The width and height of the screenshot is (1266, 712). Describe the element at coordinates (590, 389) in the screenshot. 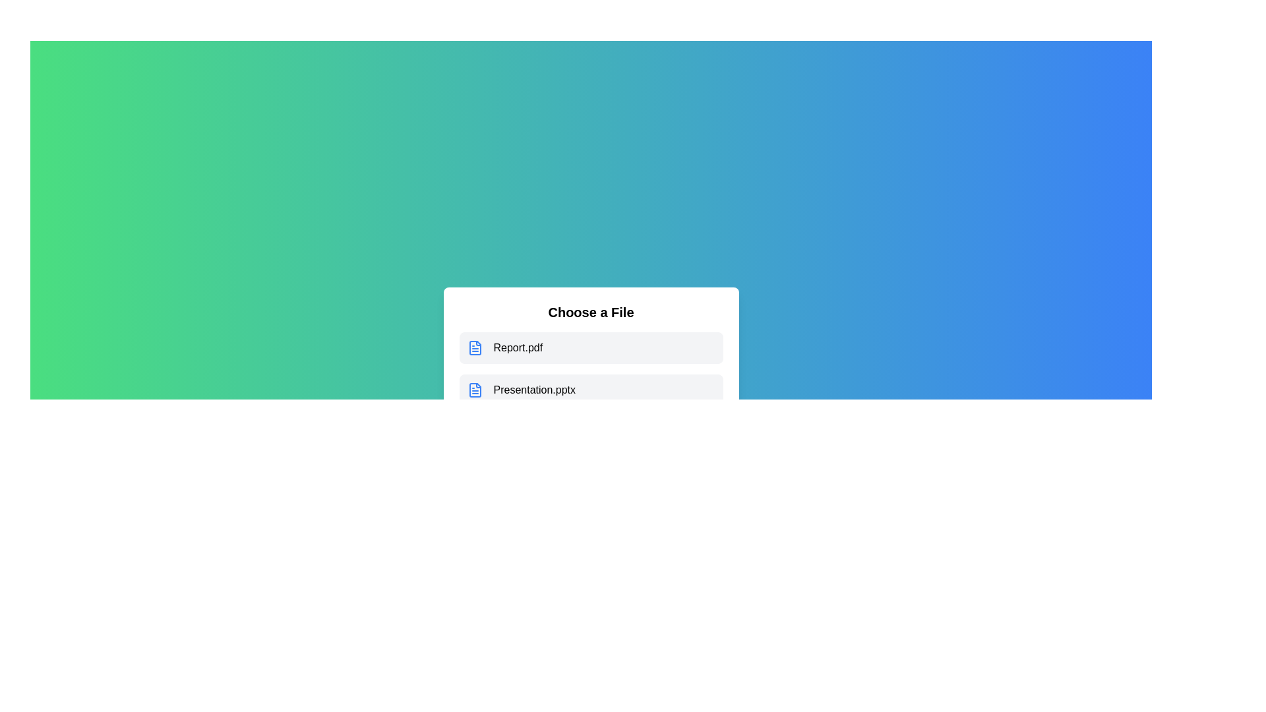

I see `the file Presentation.pptx from the list` at that location.